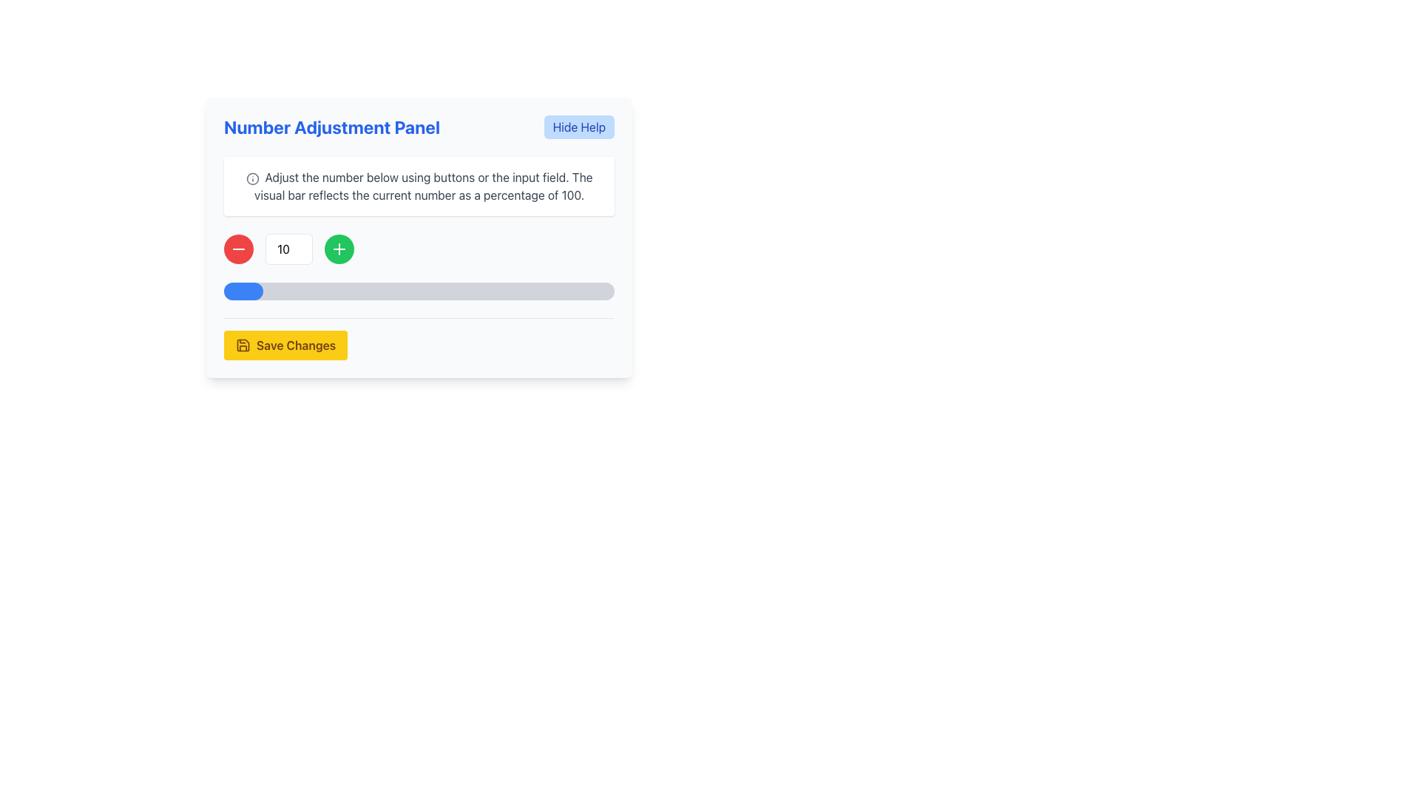 The width and height of the screenshot is (1420, 799). What do you see at coordinates (339, 248) in the screenshot?
I see `the small circular green button with a white plus symbol, located to the right of a numeric input field with a value of 10` at bounding box center [339, 248].